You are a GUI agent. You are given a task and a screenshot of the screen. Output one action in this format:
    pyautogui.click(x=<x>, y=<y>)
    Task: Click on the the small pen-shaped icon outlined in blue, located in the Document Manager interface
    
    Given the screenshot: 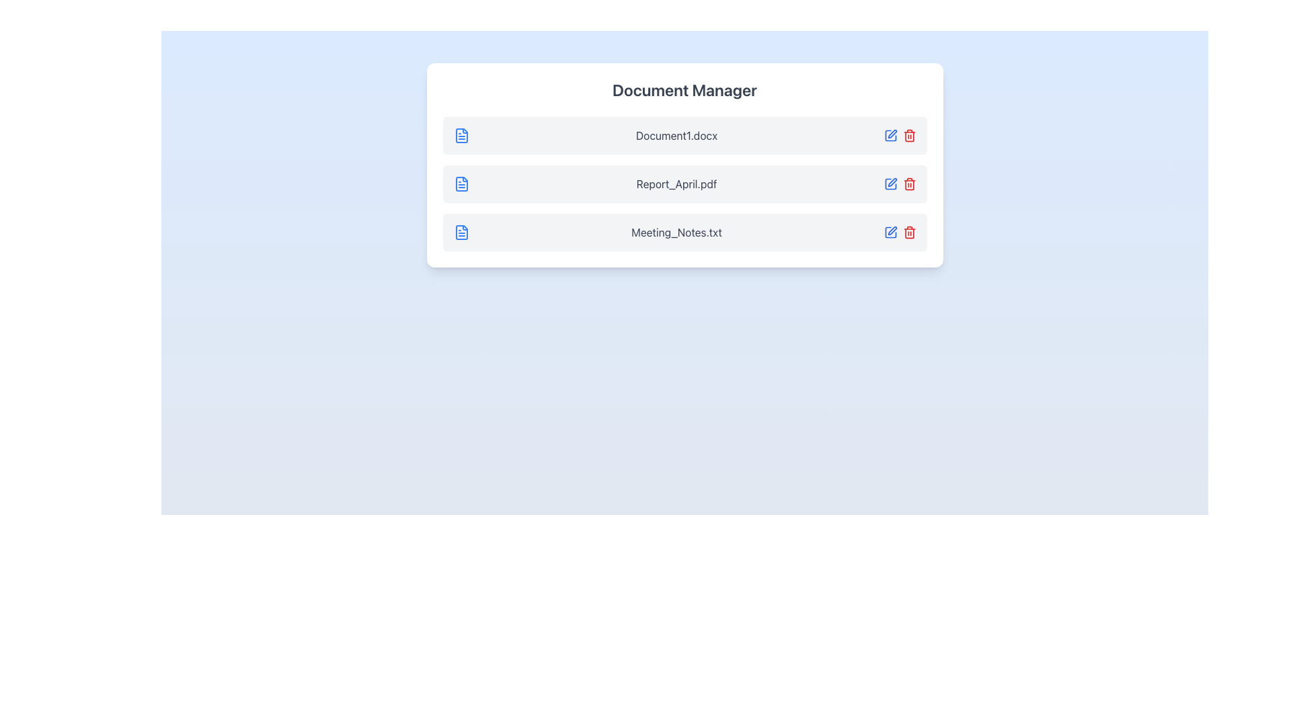 What is the action you would take?
    pyautogui.click(x=892, y=182)
    